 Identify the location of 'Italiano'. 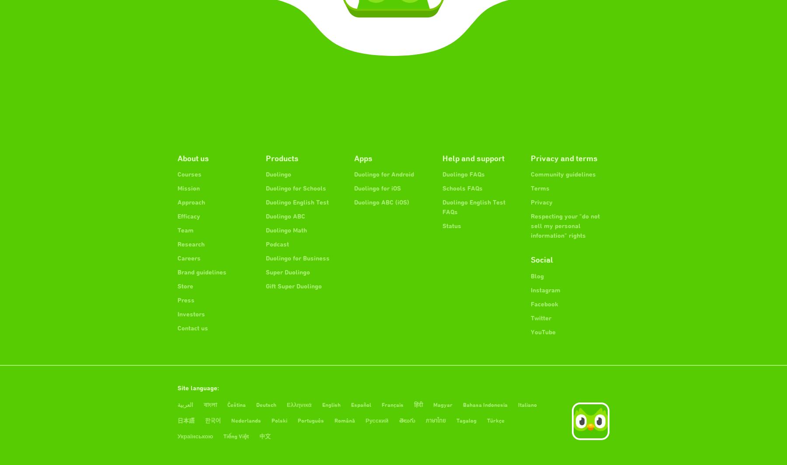
(526, 405).